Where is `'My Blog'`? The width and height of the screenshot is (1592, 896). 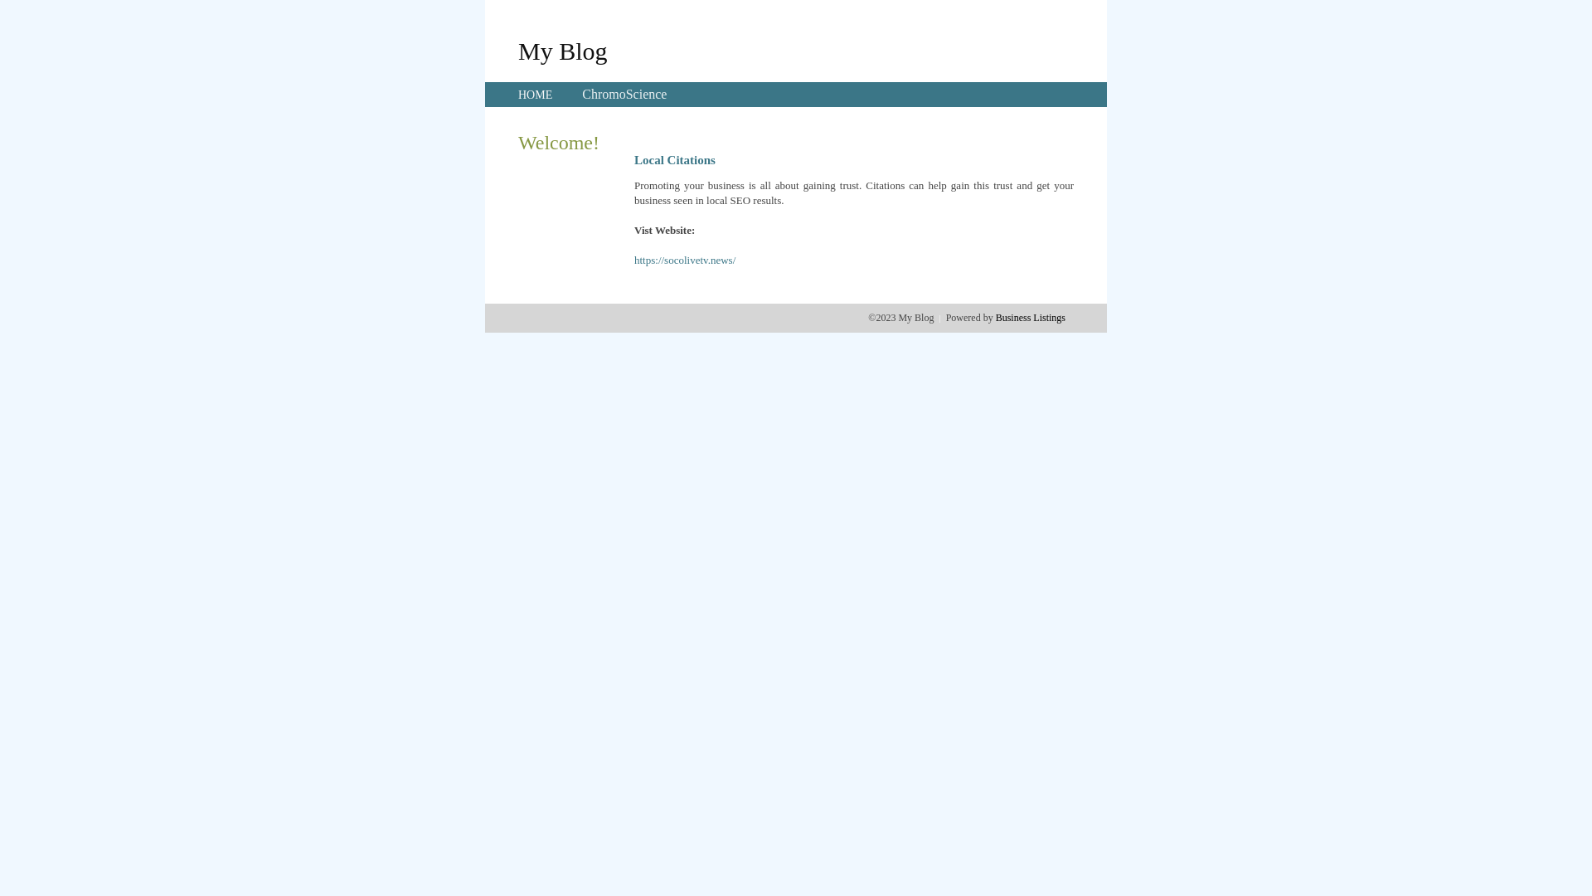 'My Blog' is located at coordinates (517, 50).